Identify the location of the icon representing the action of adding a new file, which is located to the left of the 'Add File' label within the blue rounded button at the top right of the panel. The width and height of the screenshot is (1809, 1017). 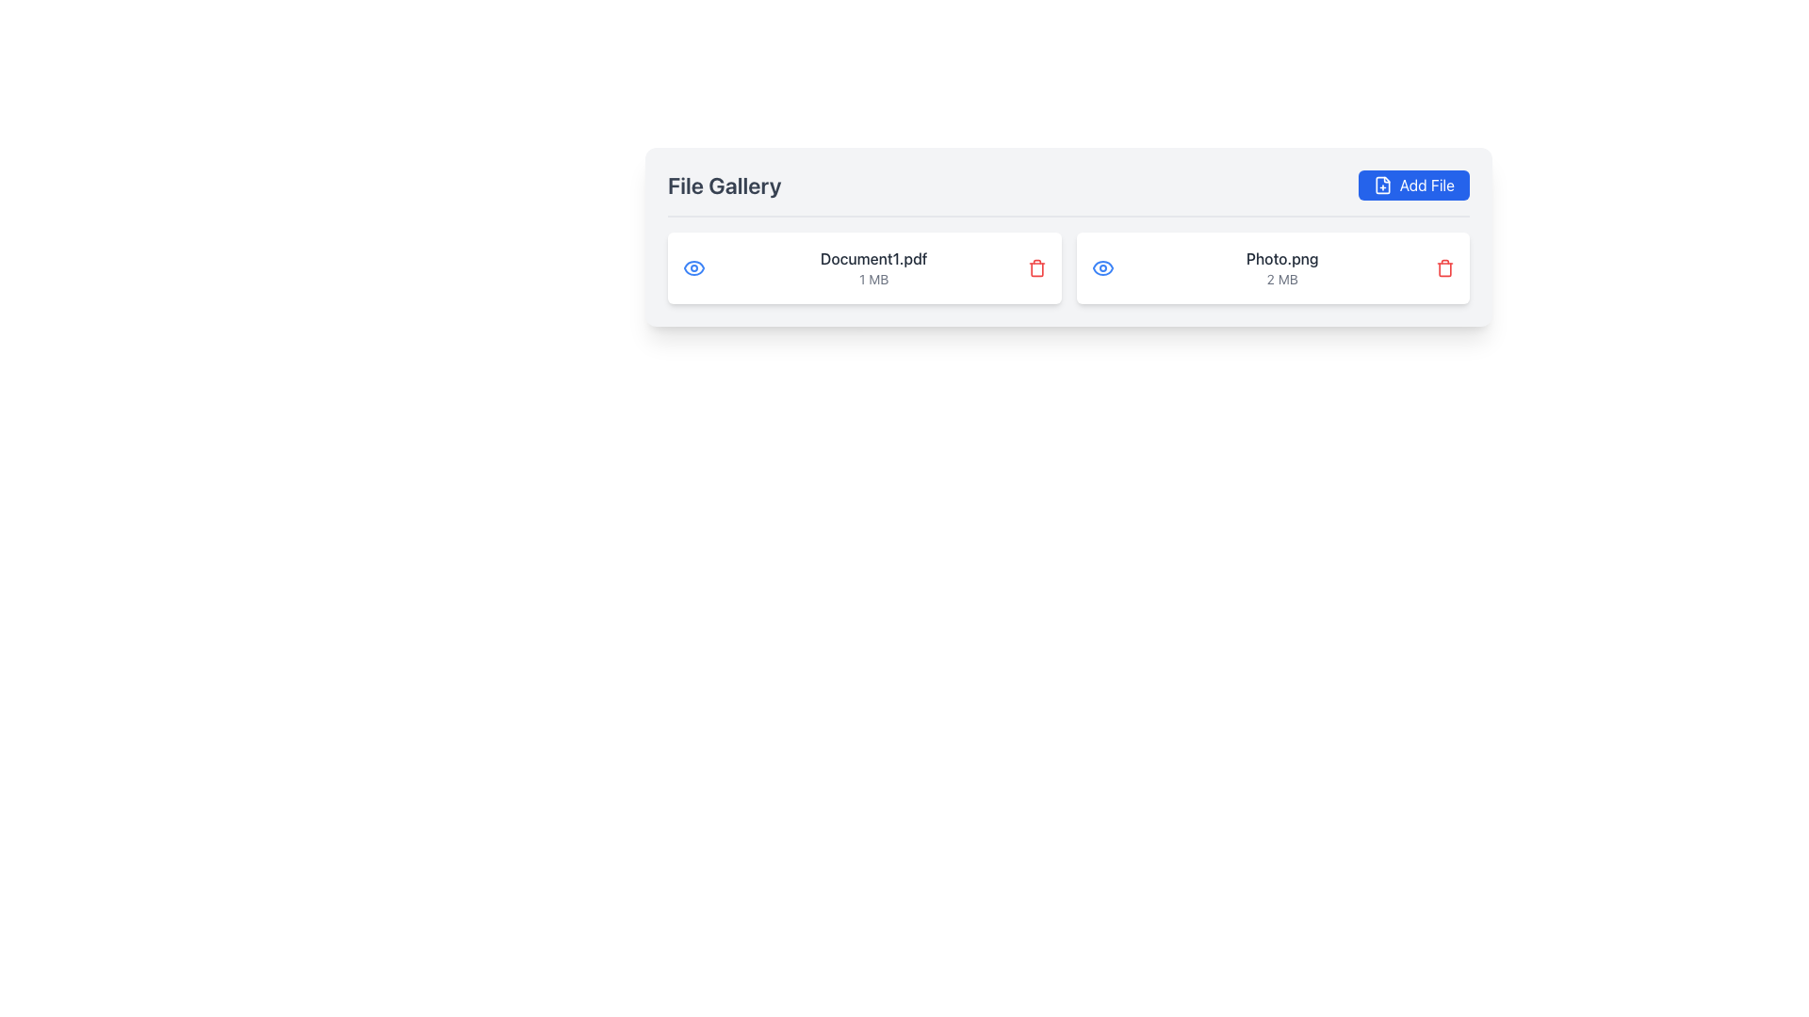
(1382, 185).